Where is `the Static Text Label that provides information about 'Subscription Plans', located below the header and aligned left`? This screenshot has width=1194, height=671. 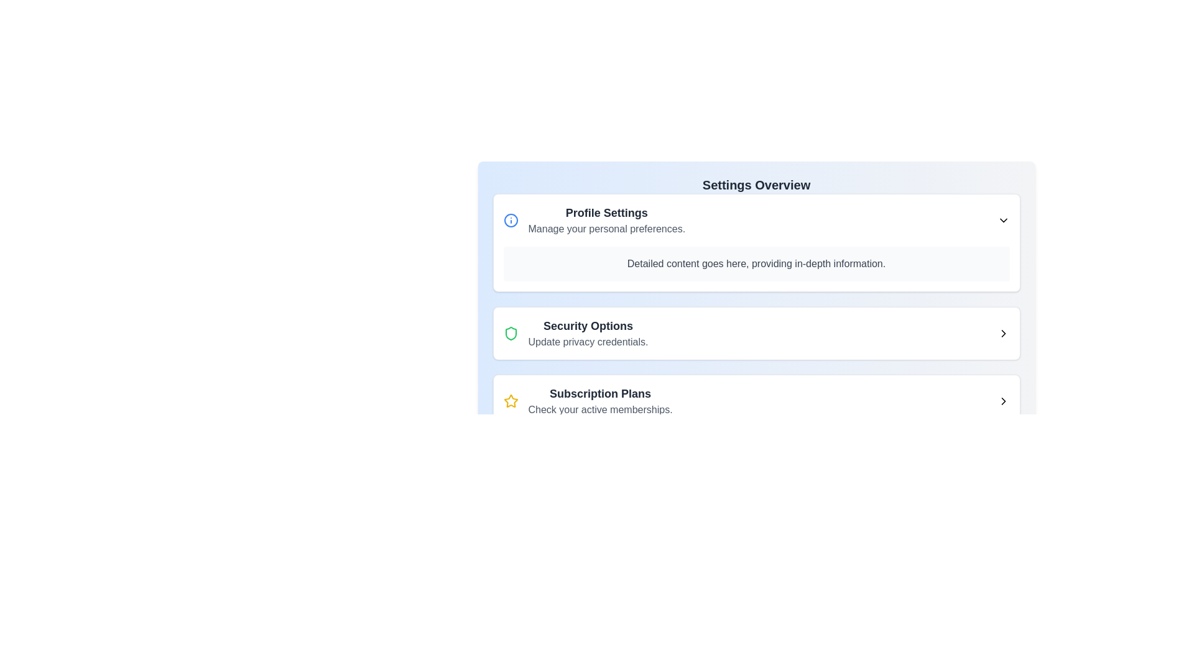
the Static Text Label that provides information about 'Subscription Plans', located below the header and aligned left is located at coordinates (600, 409).